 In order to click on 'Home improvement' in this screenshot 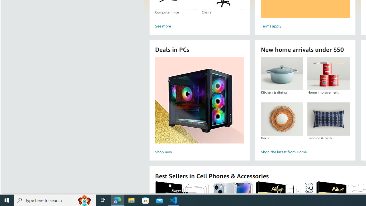, I will do `click(328, 73)`.